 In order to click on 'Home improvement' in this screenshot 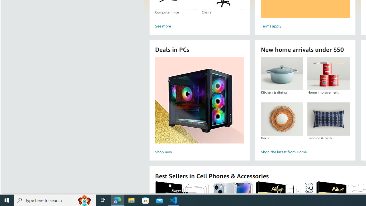, I will do `click(328, 73)`.